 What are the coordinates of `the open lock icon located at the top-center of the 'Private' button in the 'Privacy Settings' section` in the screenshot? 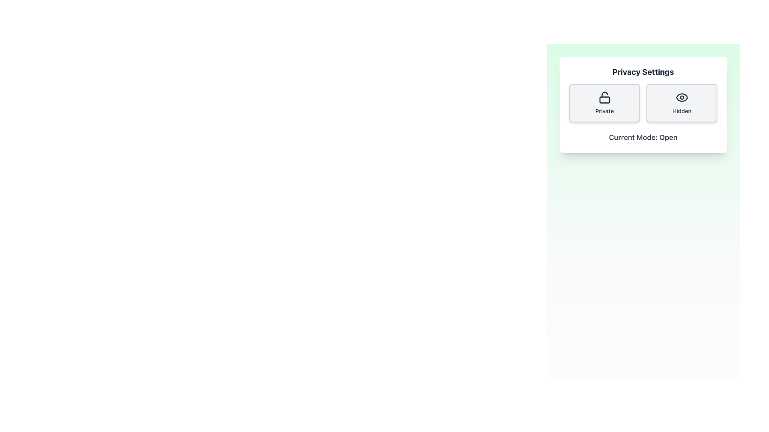 It's located at (604, 97).